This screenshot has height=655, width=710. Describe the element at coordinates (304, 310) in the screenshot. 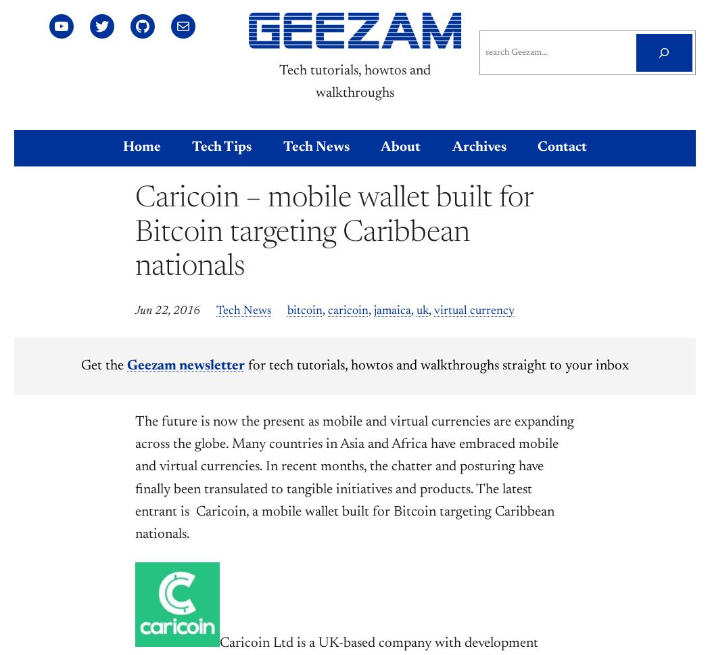

I see `'bitcoin'` at that location.